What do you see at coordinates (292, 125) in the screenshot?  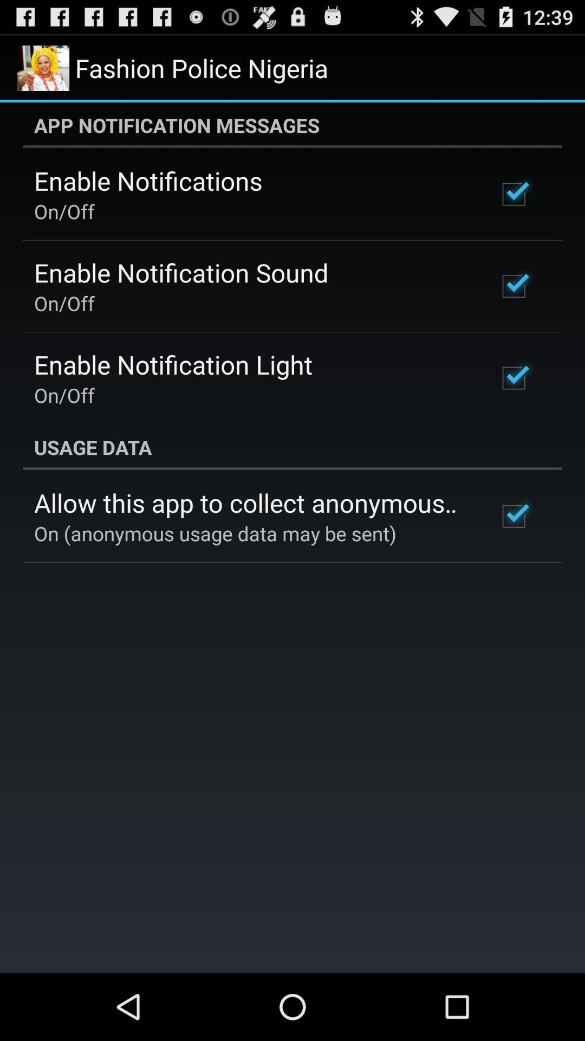 I see `the icon above the enable notifications` at bounding box center [292, 125].